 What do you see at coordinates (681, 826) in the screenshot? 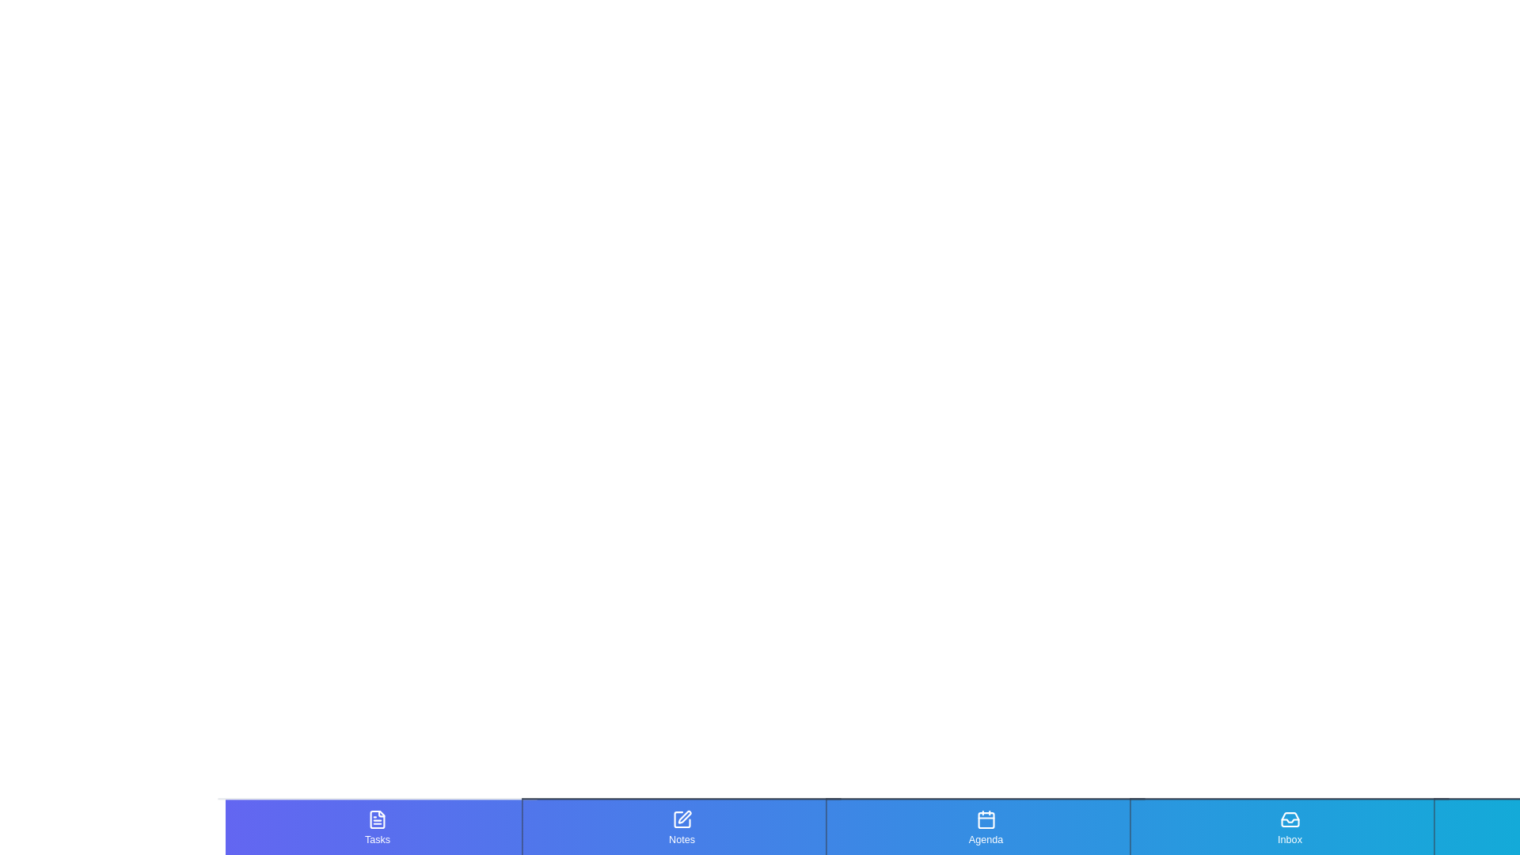
I see `the button labeled Notes to observe its hover effect` at bounding box center [681, 826].